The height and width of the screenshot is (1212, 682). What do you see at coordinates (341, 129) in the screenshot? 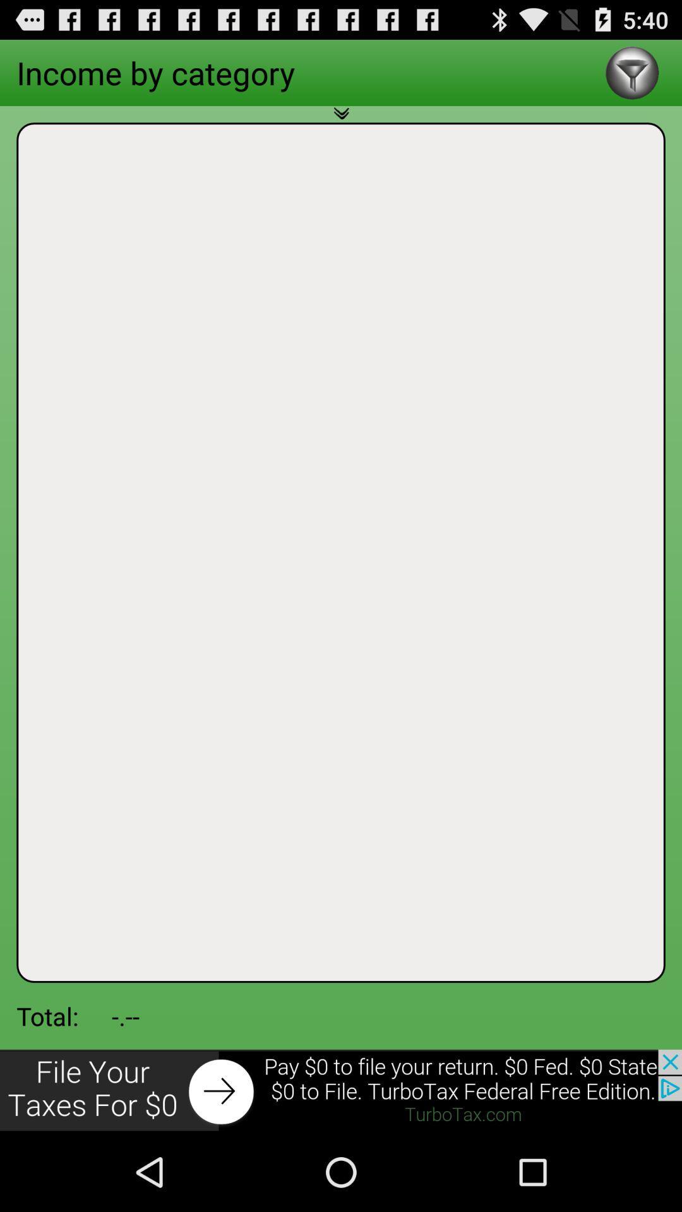
I see `the expand_more icon` at bounding box center [341, 129].